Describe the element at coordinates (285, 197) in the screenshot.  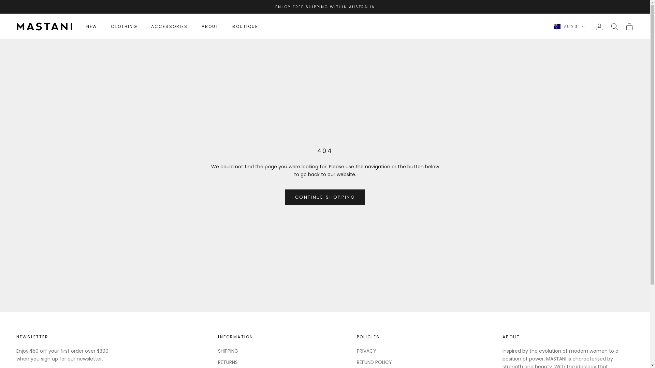
I see `'CONTINUE SHOPPING'` at that location.